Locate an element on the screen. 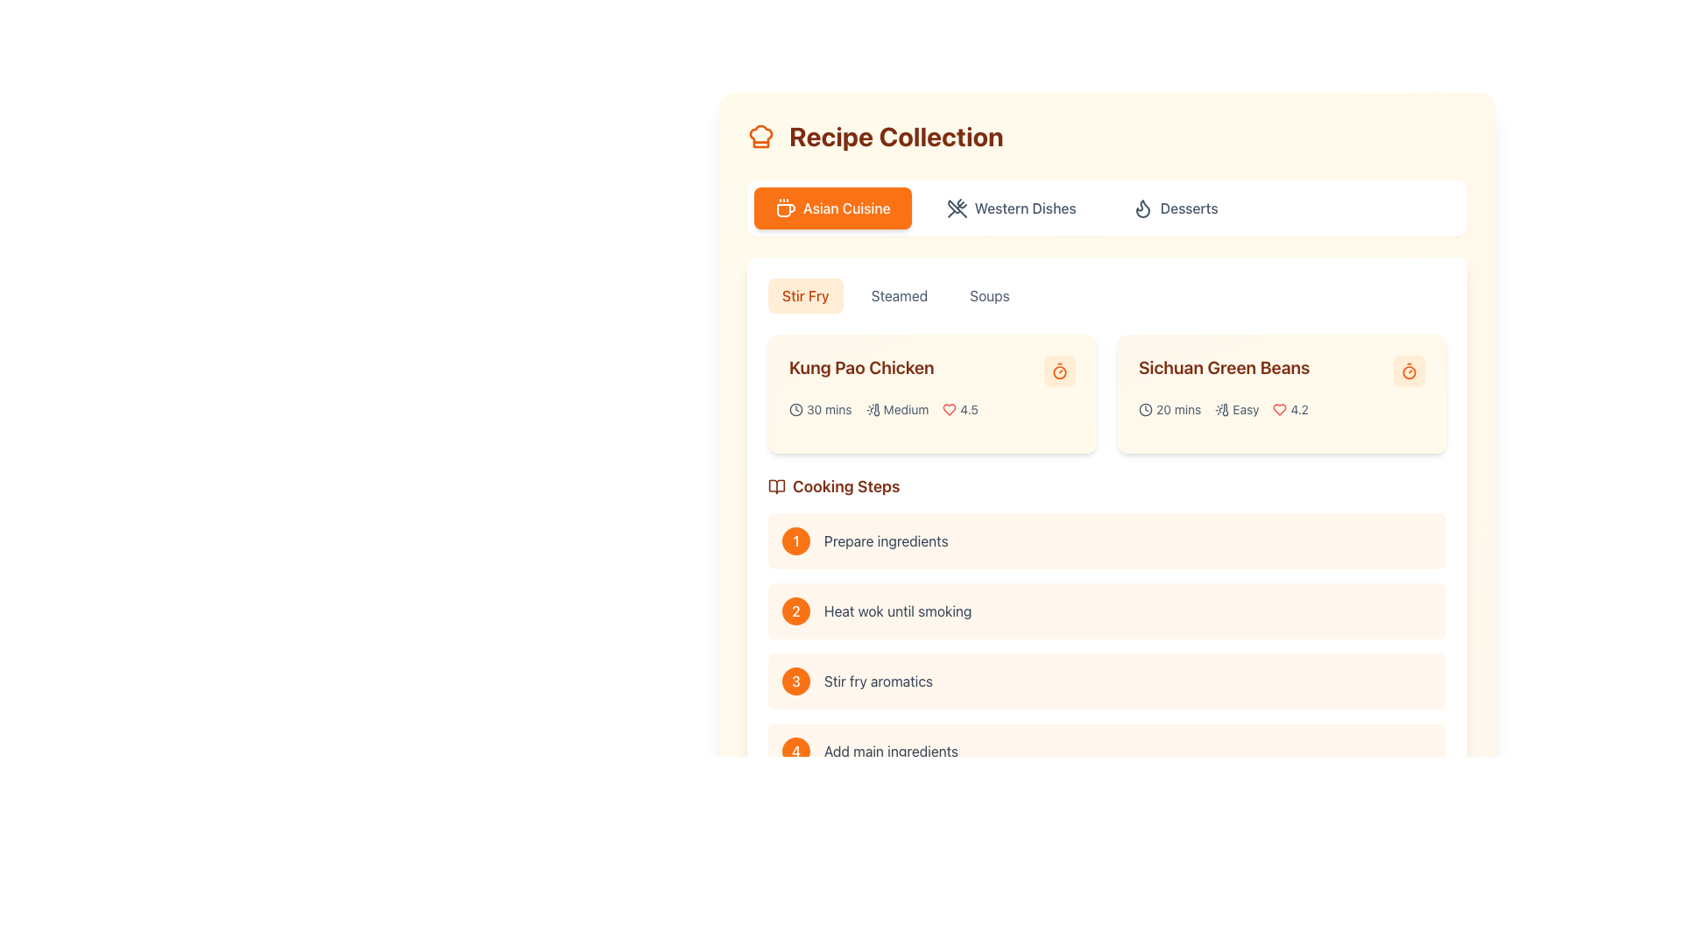 This screenshot has width=1682, height=946. the static text element displaying 'Stir fry aromatics' which is part of a step-by-step list and located beside the circled orange number '3' is located at coordinates (879, 681).